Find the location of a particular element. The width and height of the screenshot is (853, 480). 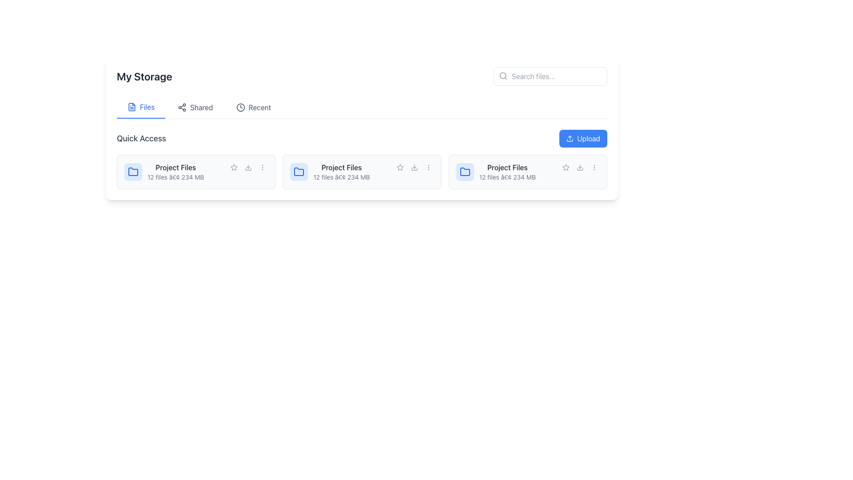

the label or navigation link located in the horizontal navigation bar below the 'My Storage' title, which is between the 'Shared' option and the empty space is located at coordinates (259, 107).